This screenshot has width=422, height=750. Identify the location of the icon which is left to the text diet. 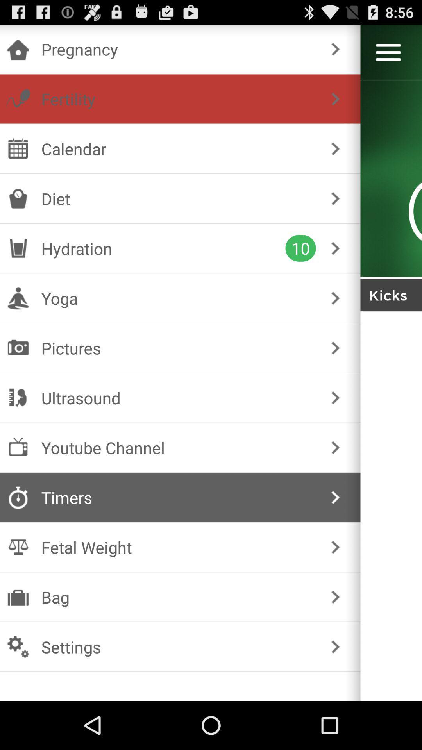
(18, 198).